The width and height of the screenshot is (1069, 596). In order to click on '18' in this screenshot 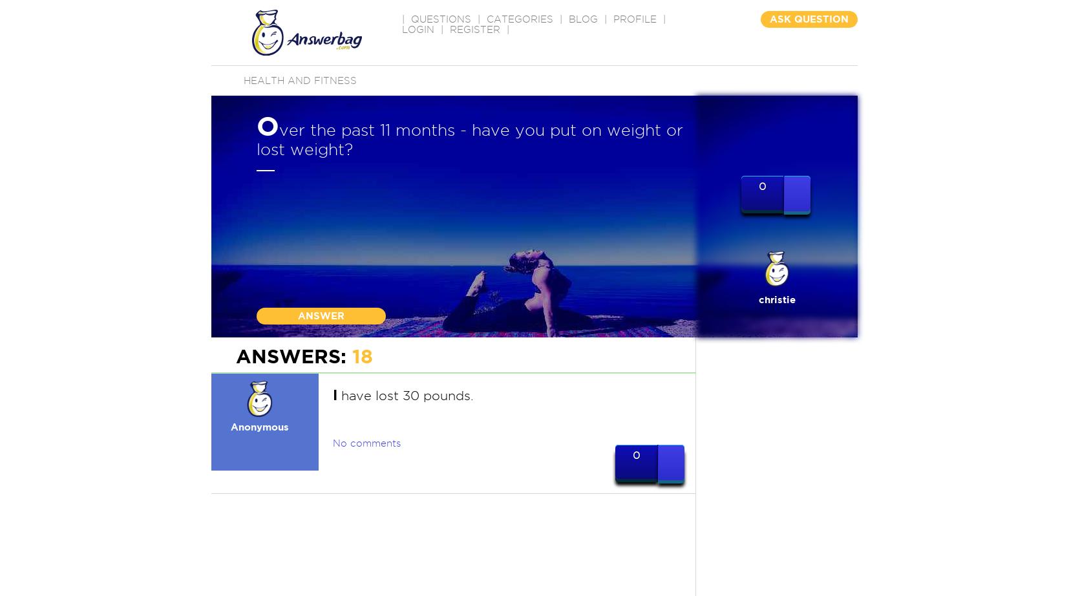, I will do `click(352, 356)`.